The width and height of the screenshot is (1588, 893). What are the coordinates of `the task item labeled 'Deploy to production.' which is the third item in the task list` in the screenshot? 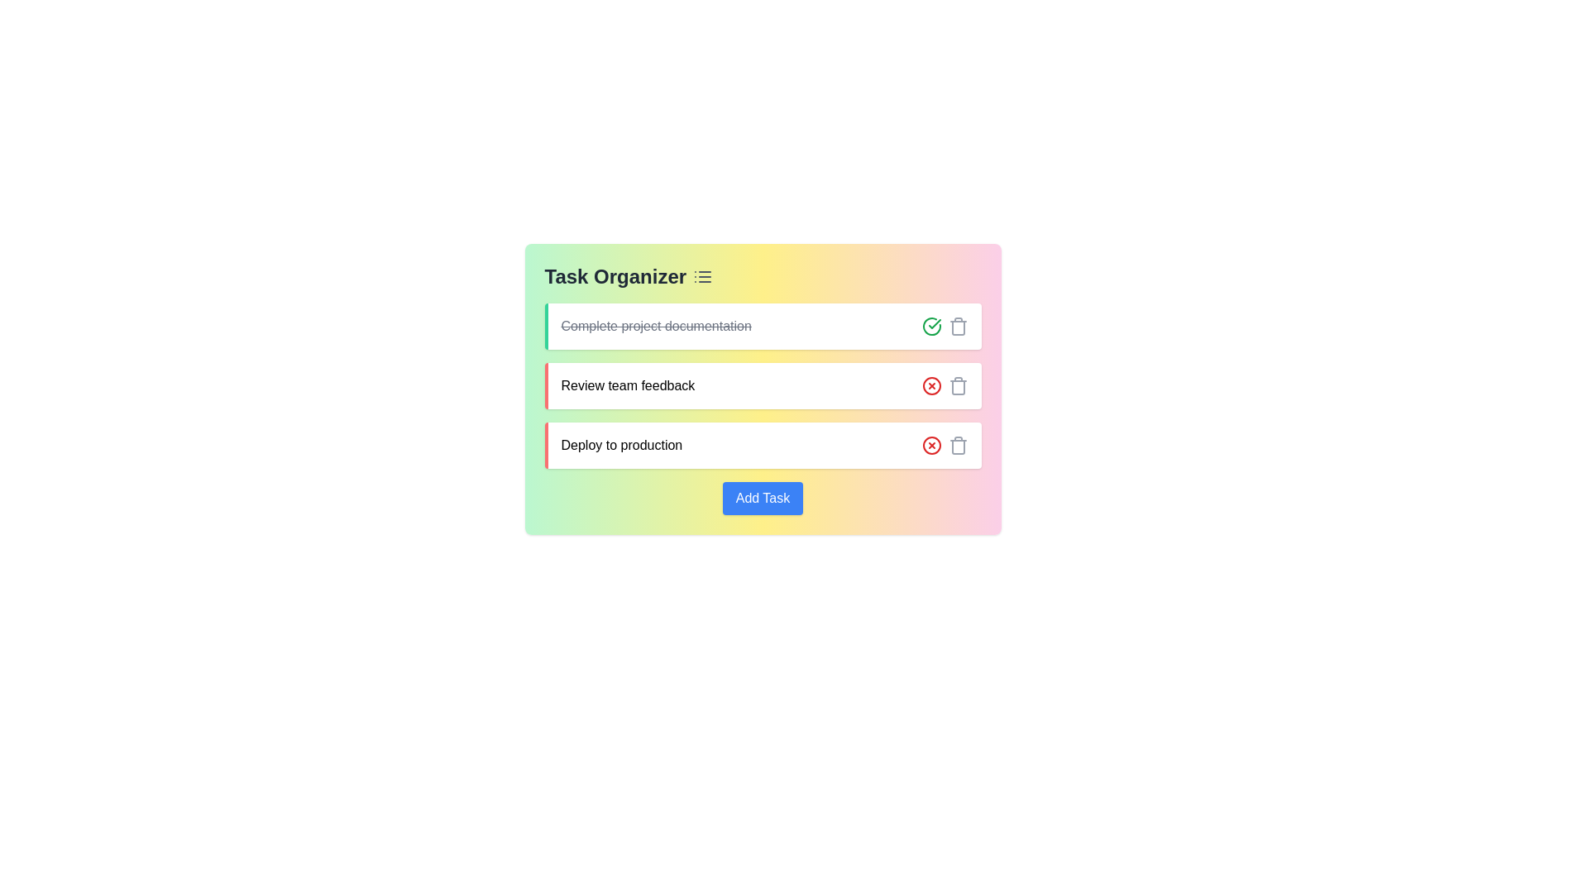 It's located at (762, 445).